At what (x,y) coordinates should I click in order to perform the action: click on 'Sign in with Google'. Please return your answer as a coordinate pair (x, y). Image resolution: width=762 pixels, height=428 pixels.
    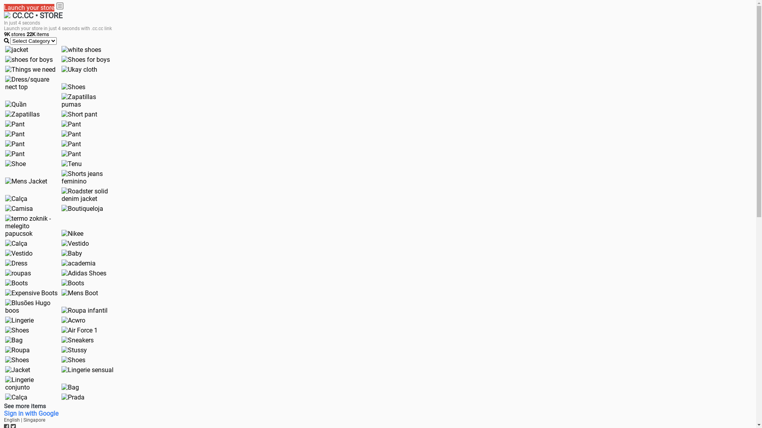
    Looking at the image, I should click on (4, 413).